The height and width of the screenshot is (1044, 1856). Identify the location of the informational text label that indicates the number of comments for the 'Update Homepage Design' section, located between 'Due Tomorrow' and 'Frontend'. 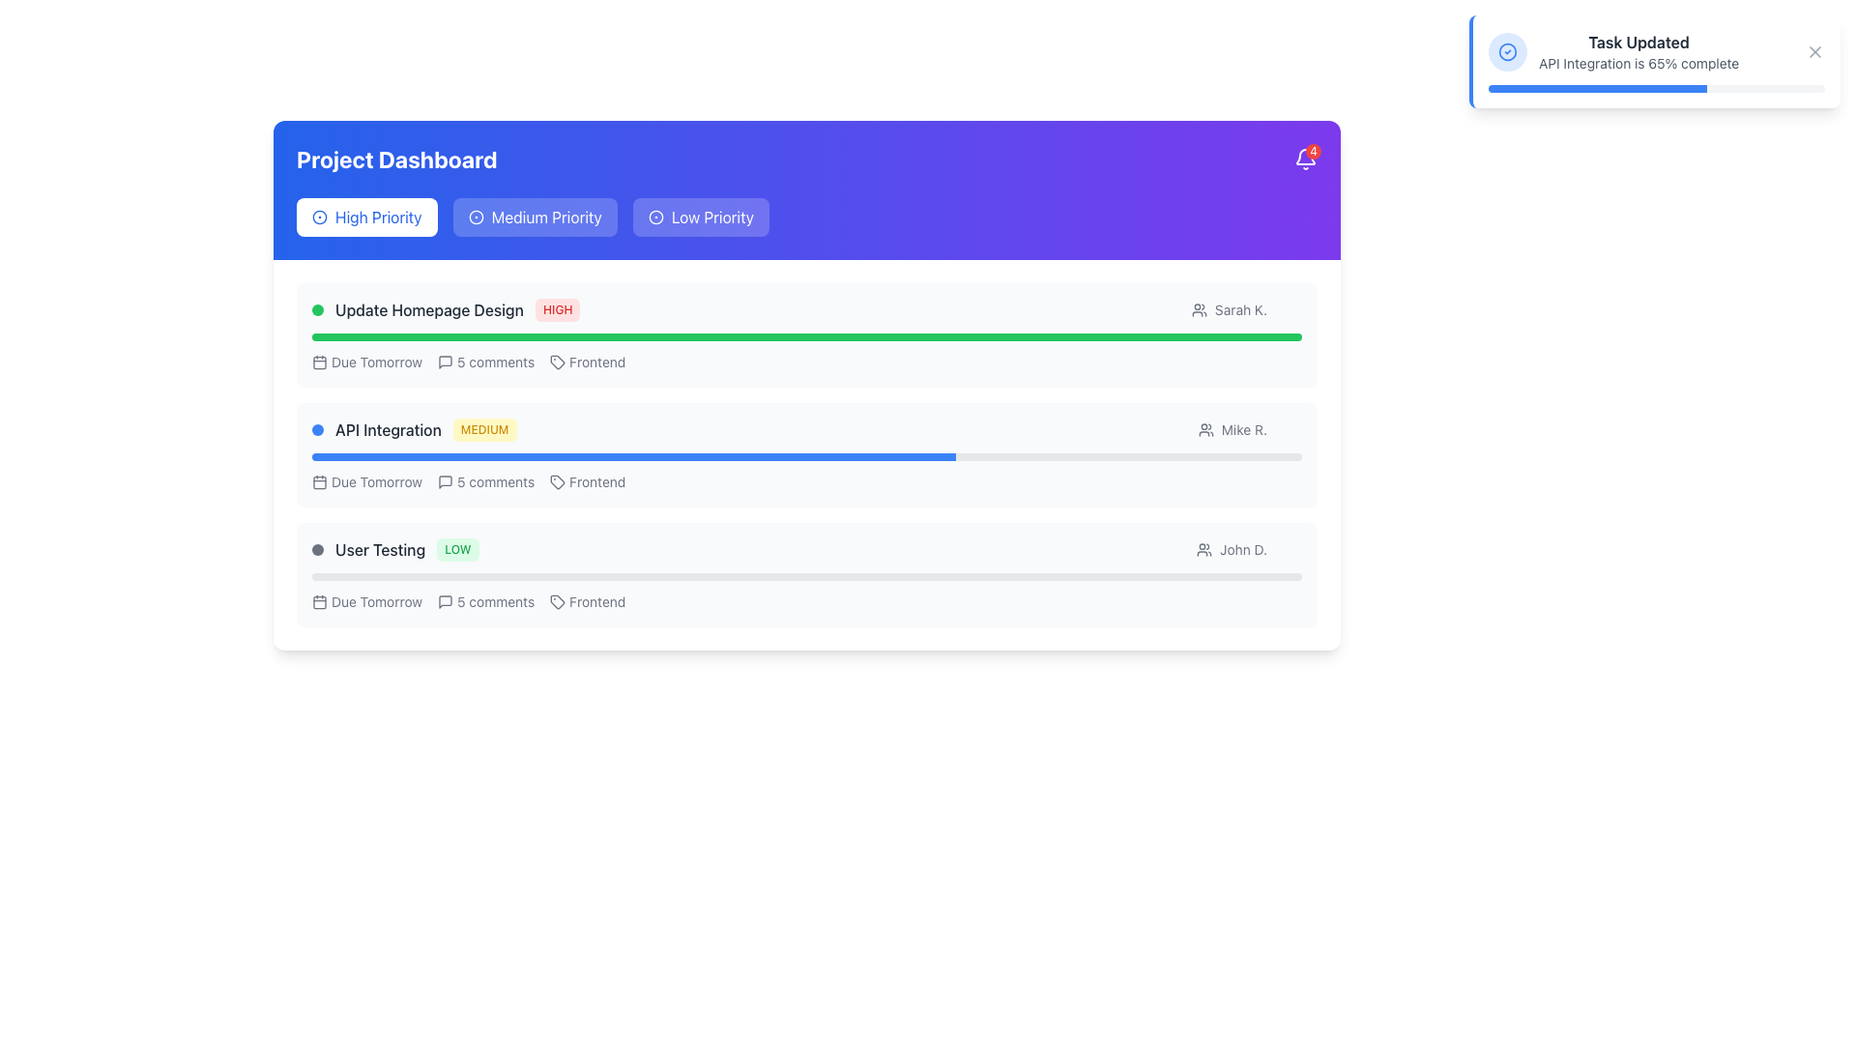
(496, 362).